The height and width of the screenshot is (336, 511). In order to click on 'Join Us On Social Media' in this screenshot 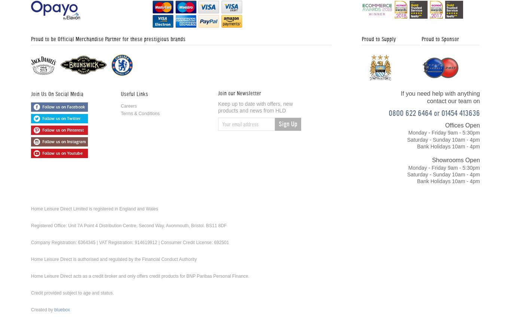, I will do `click(56, 93)`.